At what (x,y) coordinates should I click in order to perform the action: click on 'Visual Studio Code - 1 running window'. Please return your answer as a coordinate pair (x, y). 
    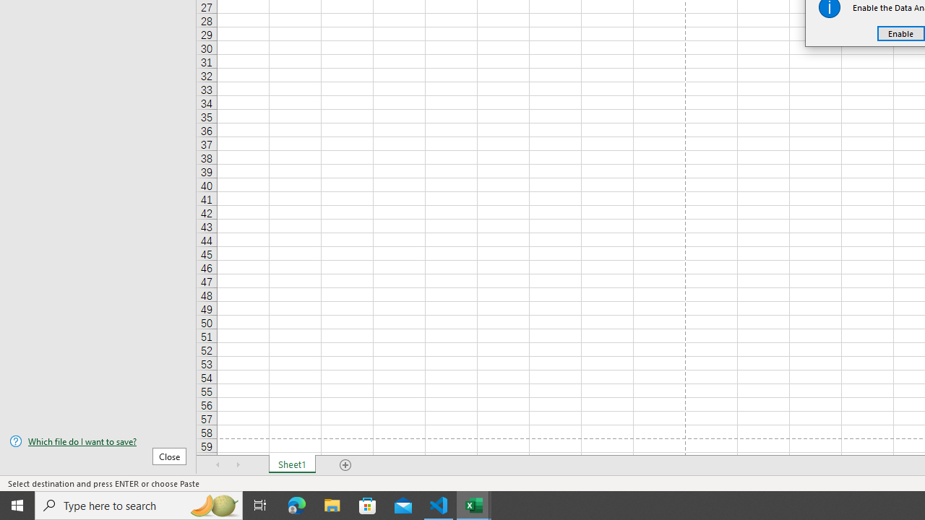
    Looking at the image, I should click on (438, 504).